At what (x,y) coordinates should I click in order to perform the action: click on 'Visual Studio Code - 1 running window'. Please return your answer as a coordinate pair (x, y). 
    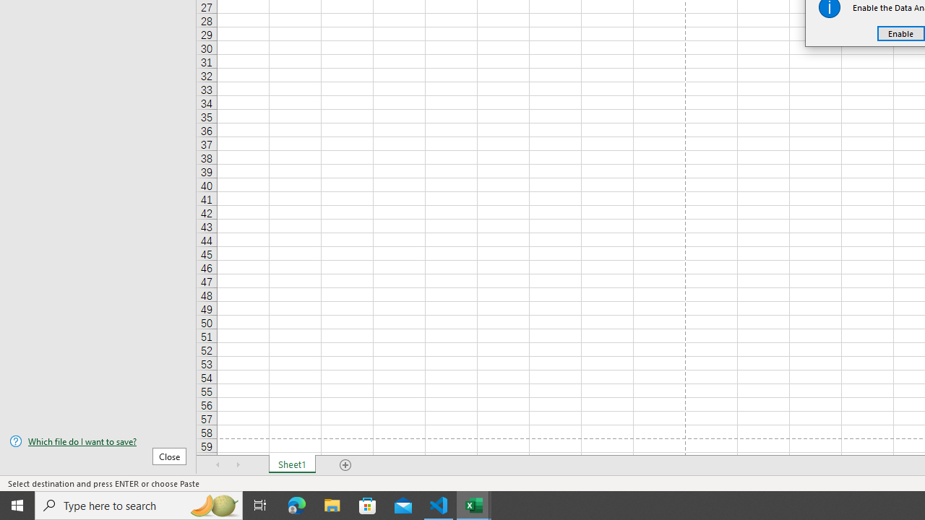
    Looking at the image, I should click on (438, 504).